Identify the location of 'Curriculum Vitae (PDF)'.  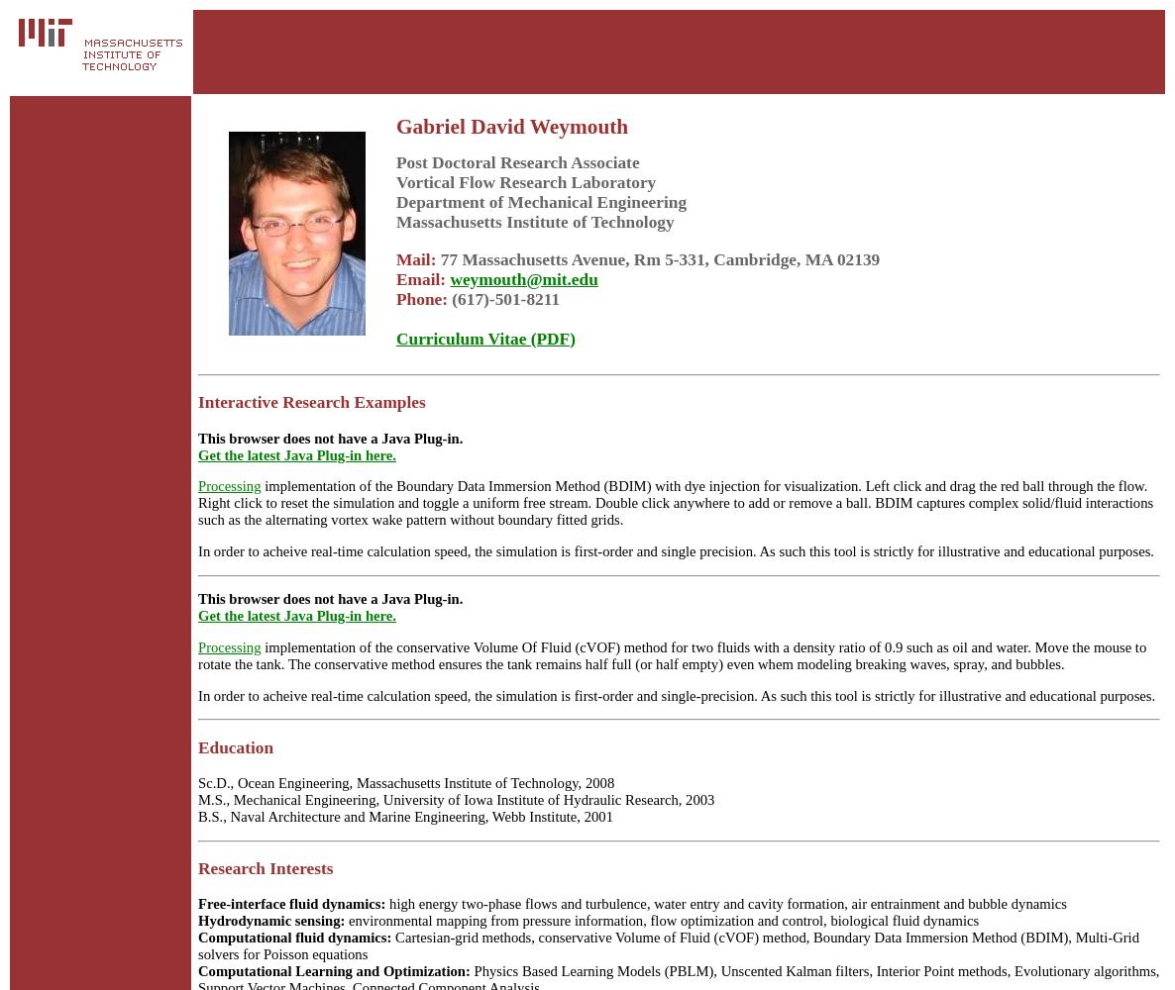
(395, 337).